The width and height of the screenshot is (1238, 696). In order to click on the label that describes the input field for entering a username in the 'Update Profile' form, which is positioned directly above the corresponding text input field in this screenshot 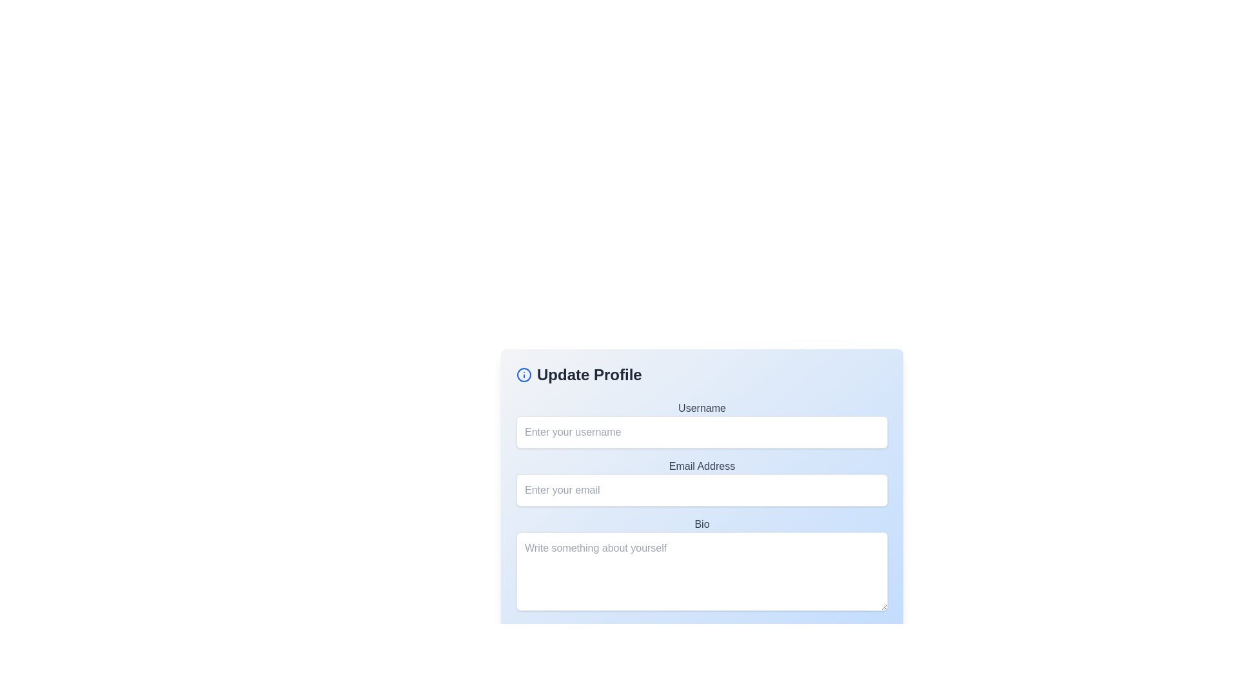, I will do `click(702, 408)`.